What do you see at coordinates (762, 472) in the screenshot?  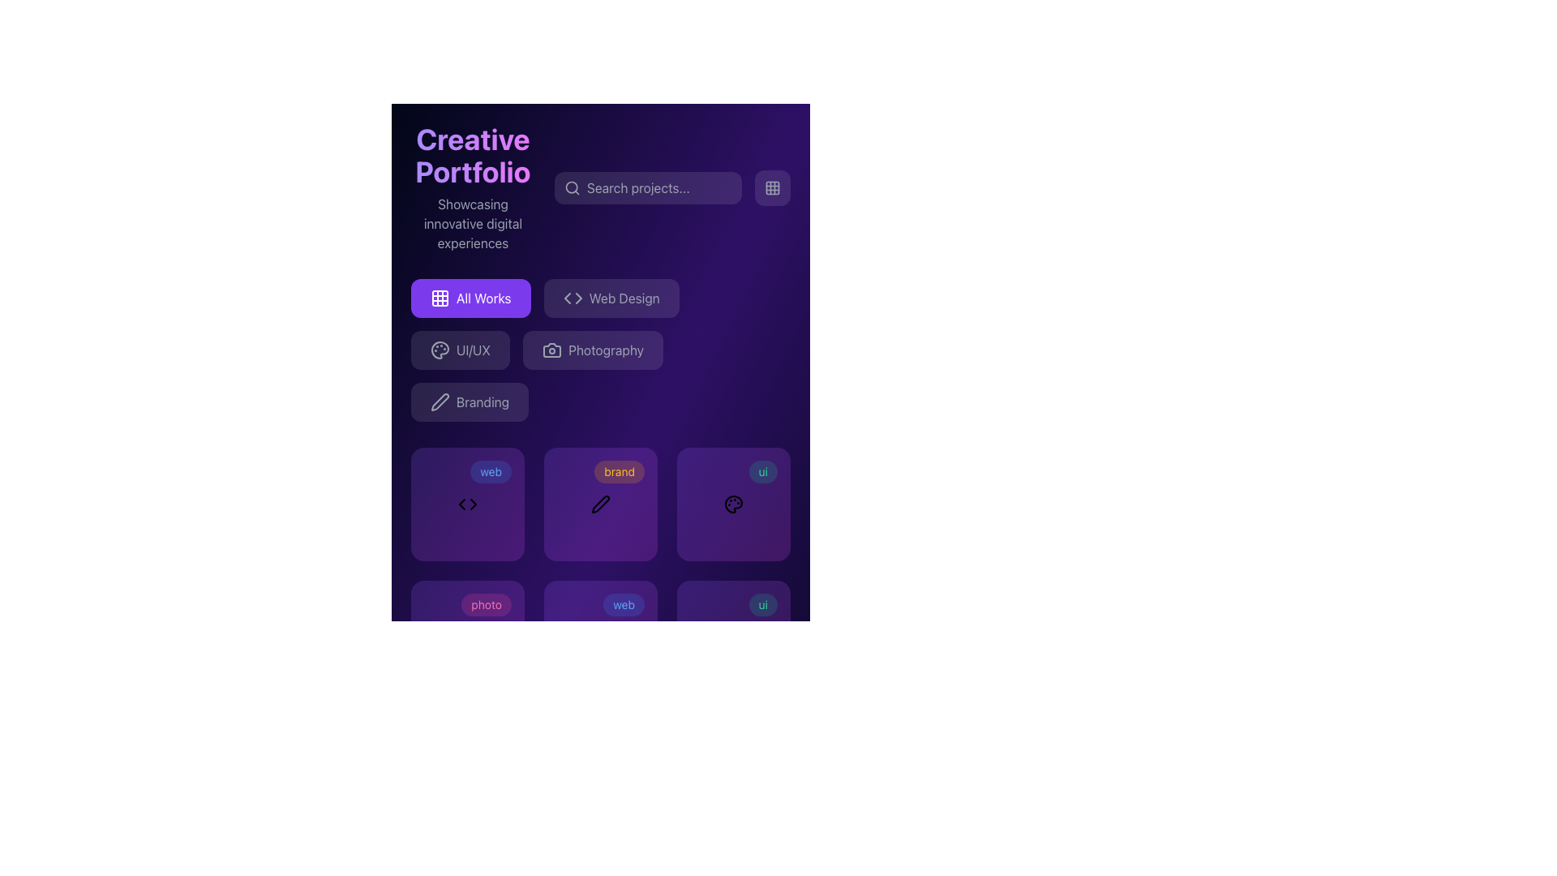 I see `the label positioned in the top-right corner of the square panel containing design elements in the lower section of the interface` at bounding box center [762, 472].